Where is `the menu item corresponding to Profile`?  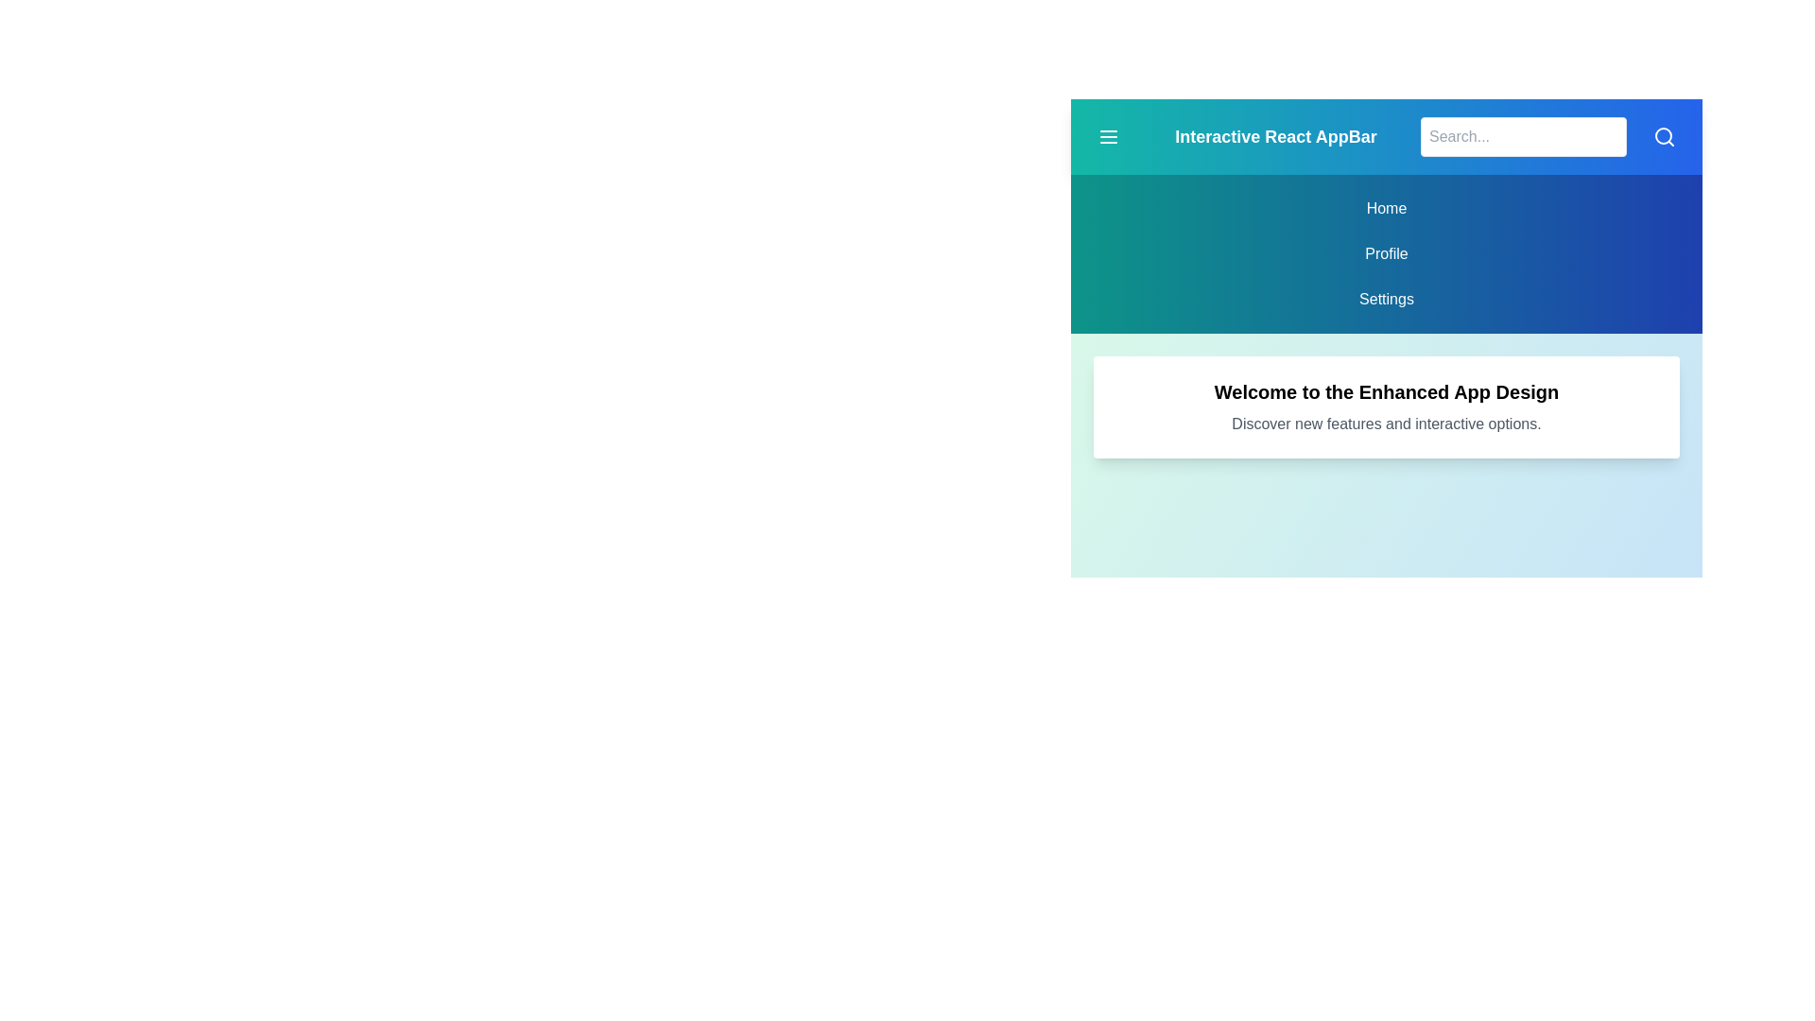
the menu item corresponding to Profile is located at coordinates (1387, 253).